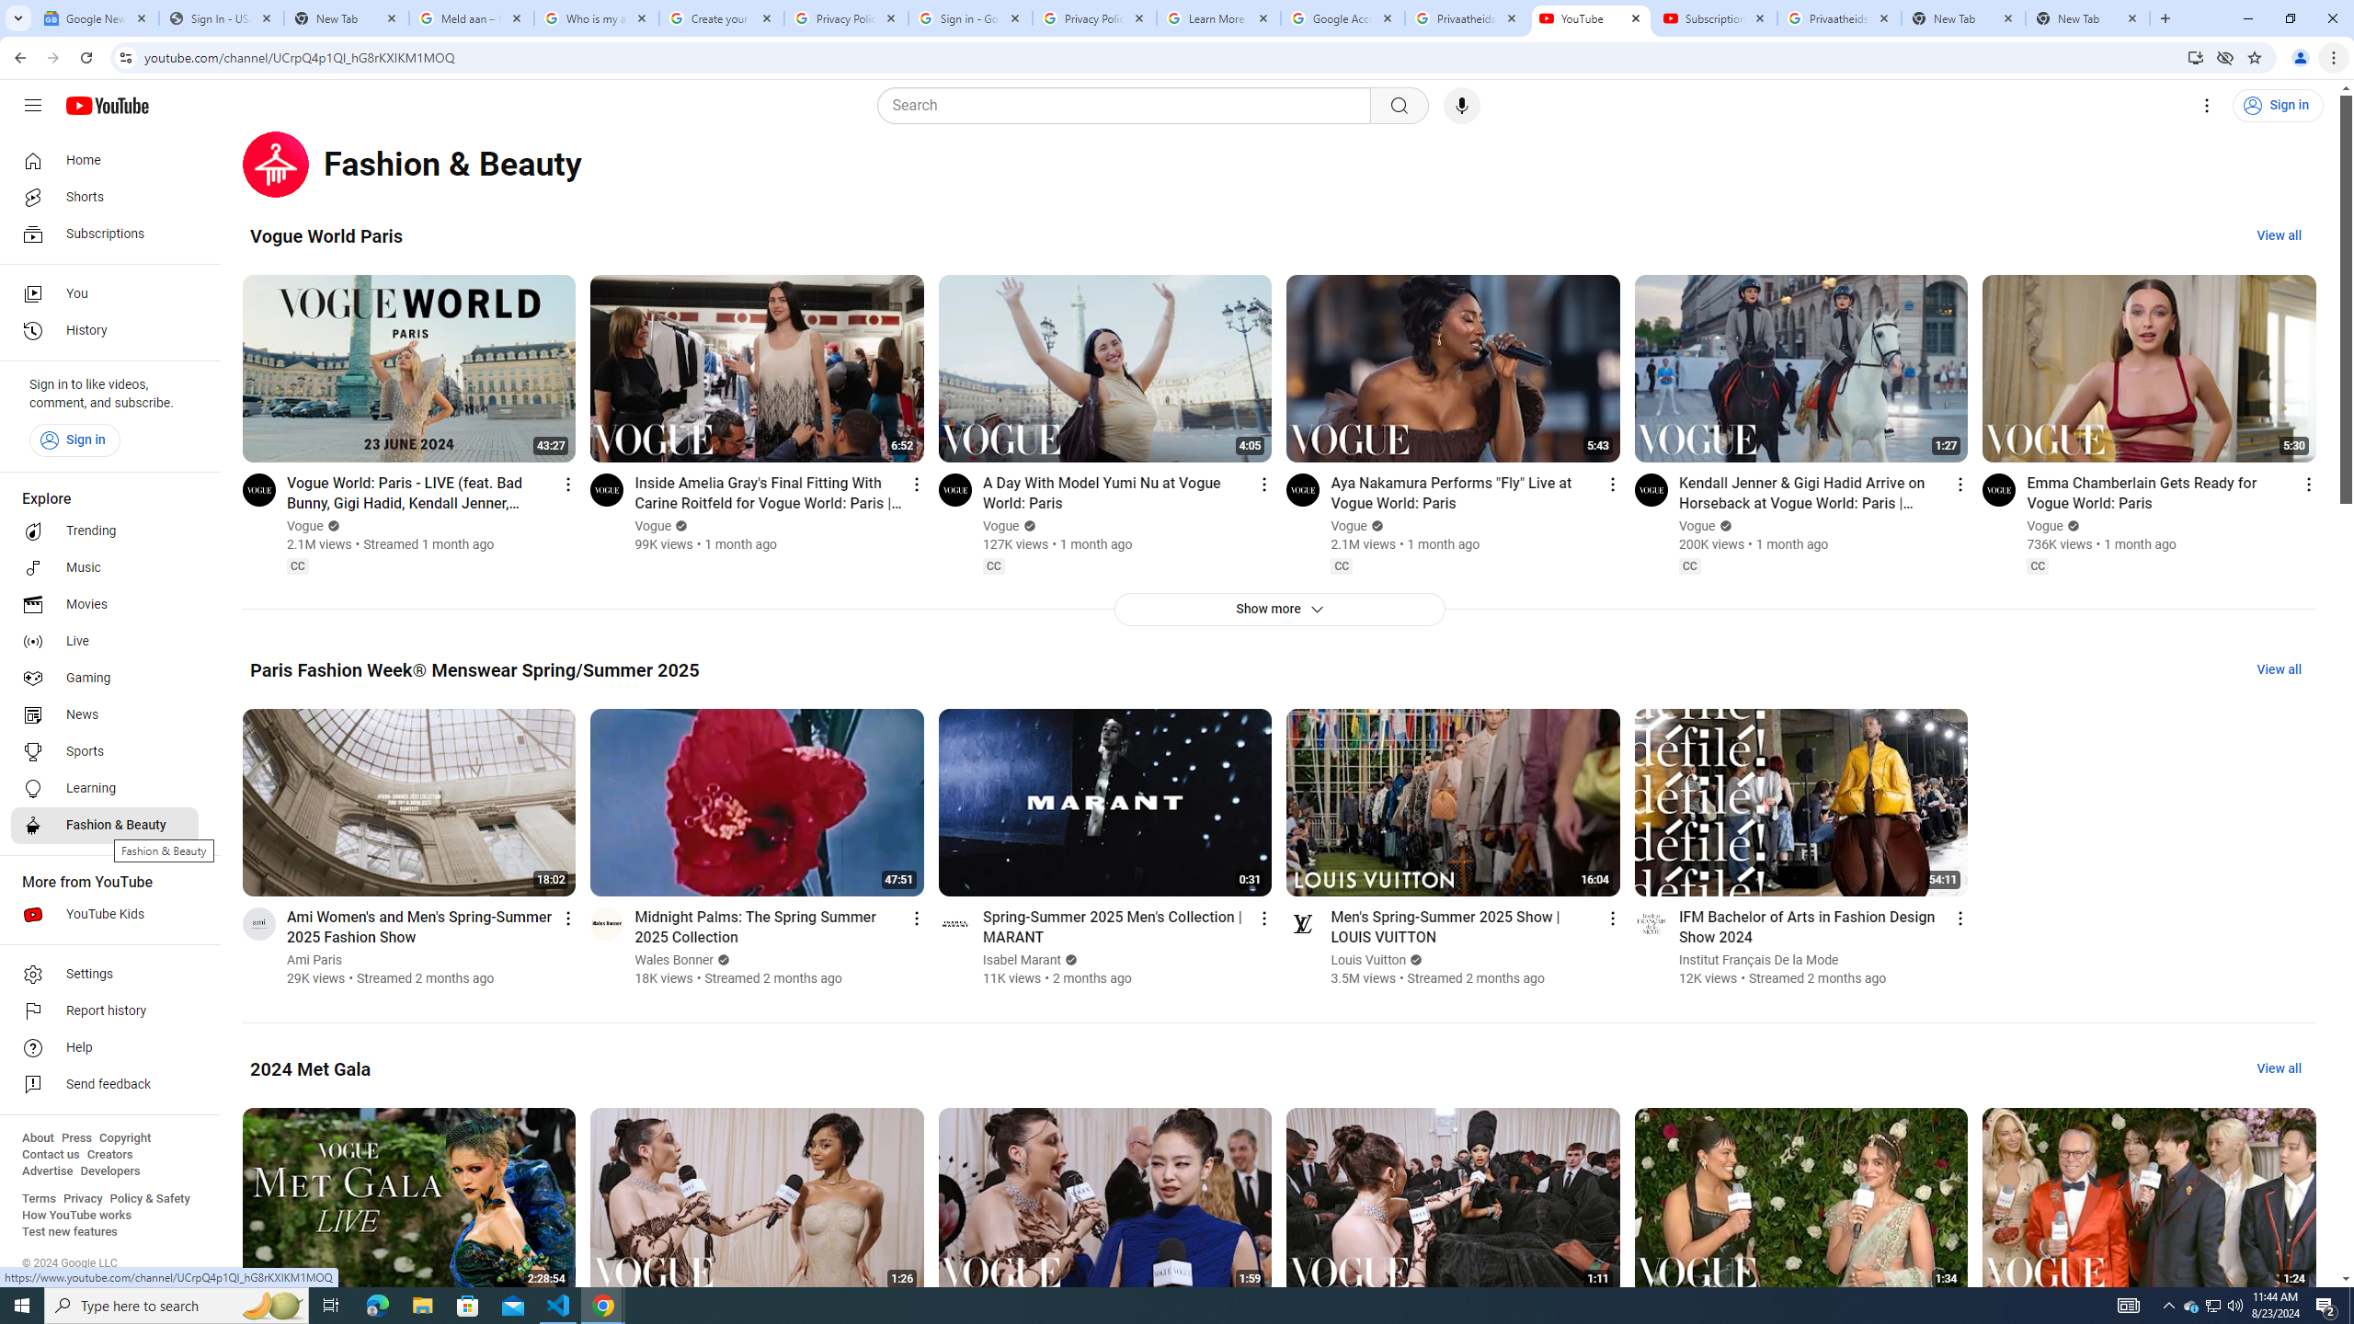 Image resolution: width=2354 pixels, height=1324 pixels. I want to click on '2024 Met Gala', so click(310, 1067).